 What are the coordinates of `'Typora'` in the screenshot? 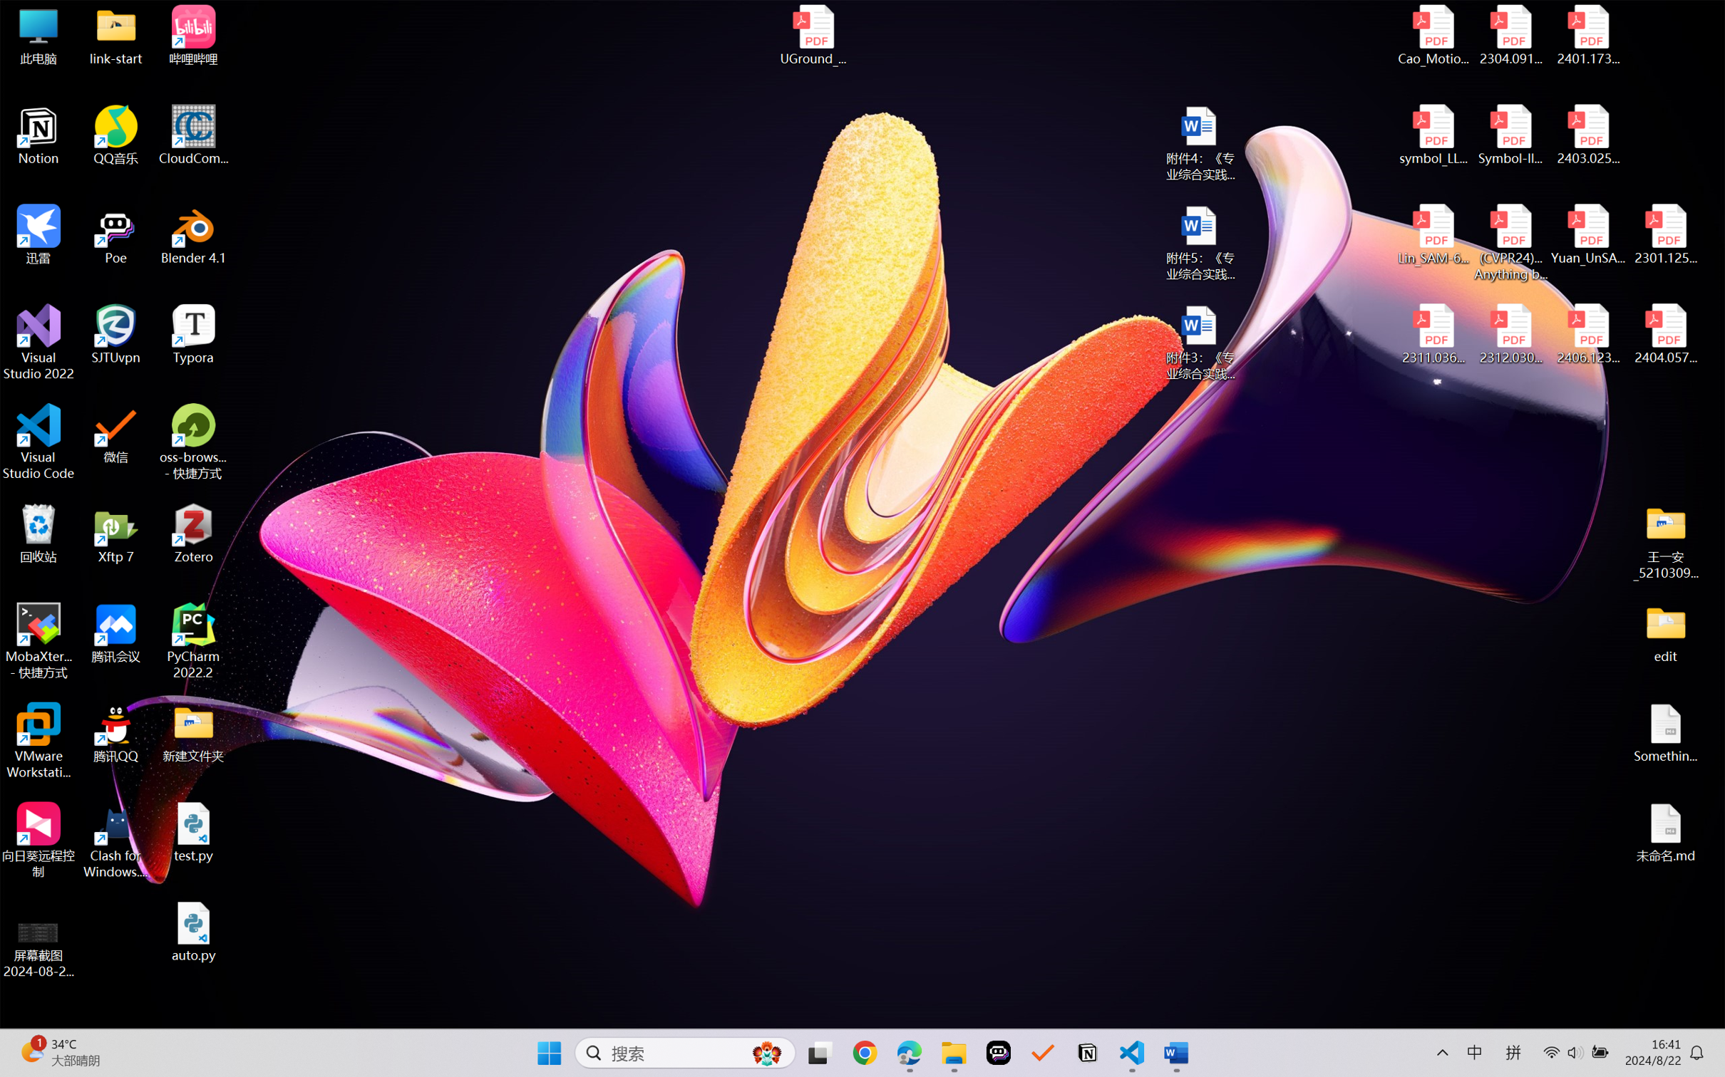 It's located at (193, 334).